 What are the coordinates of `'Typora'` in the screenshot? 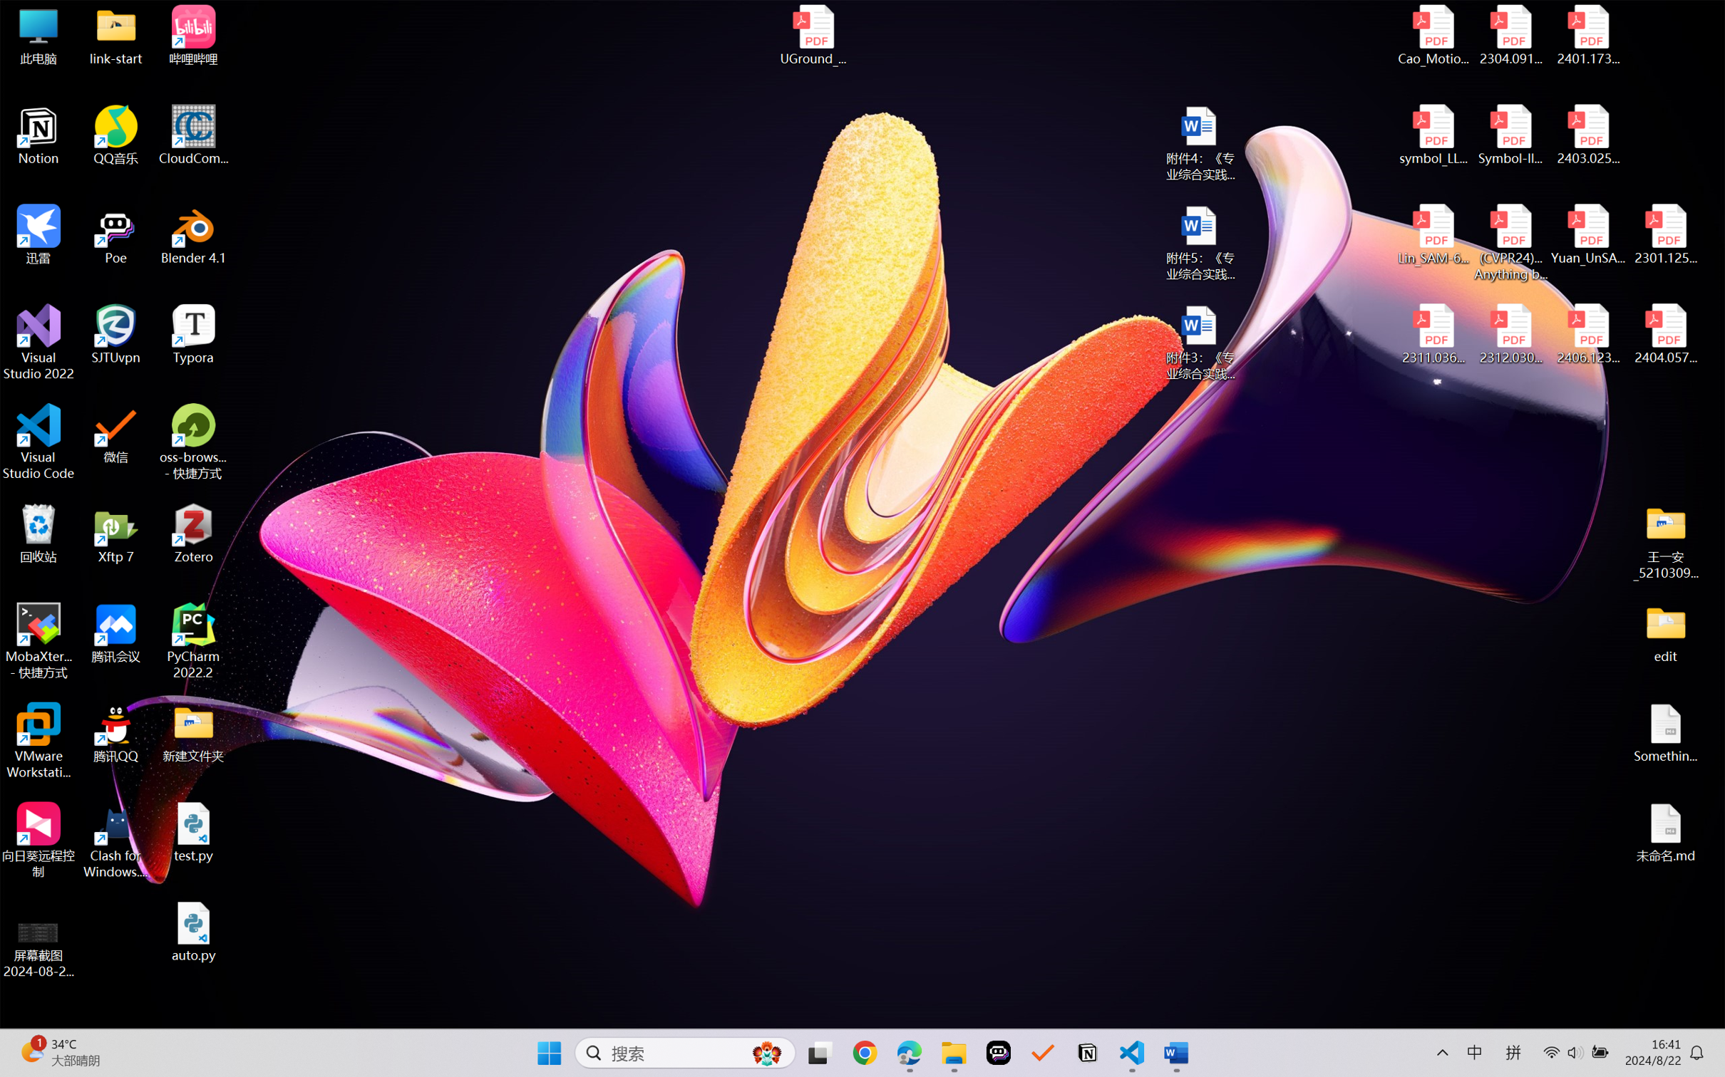 It's located at (193, 334).